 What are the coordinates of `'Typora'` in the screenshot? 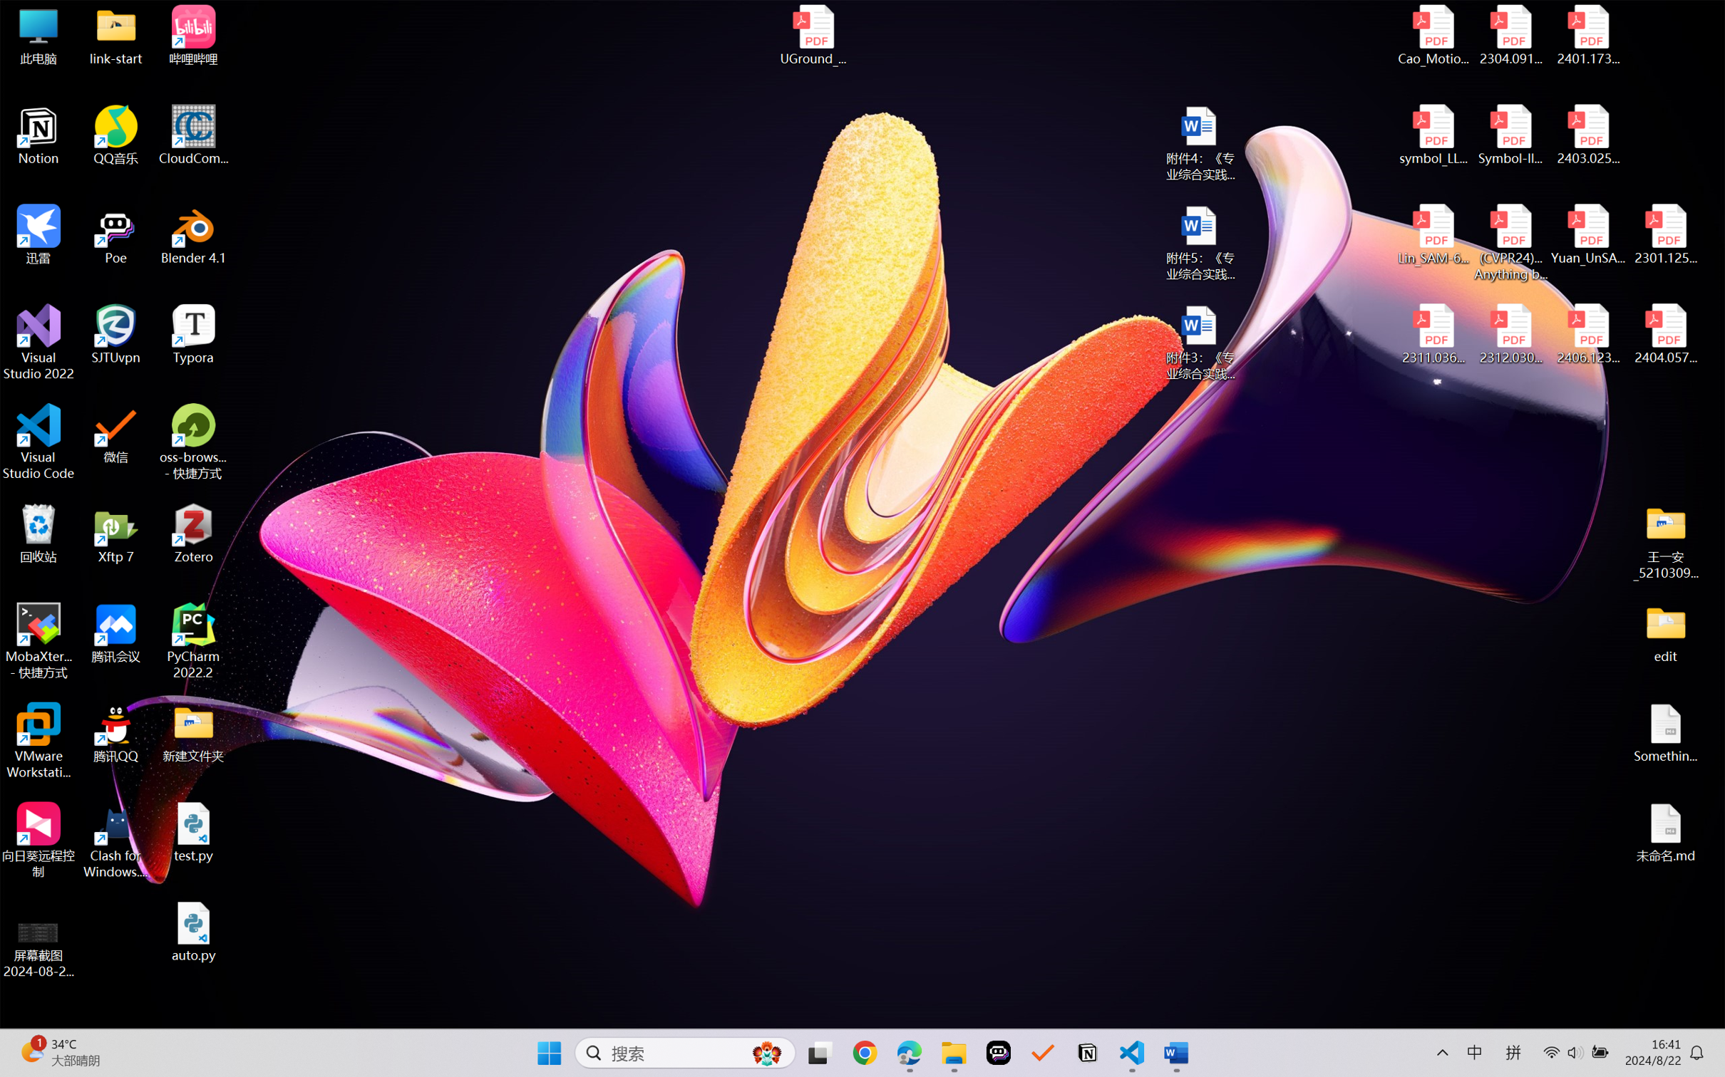 It's located at (193, 334).